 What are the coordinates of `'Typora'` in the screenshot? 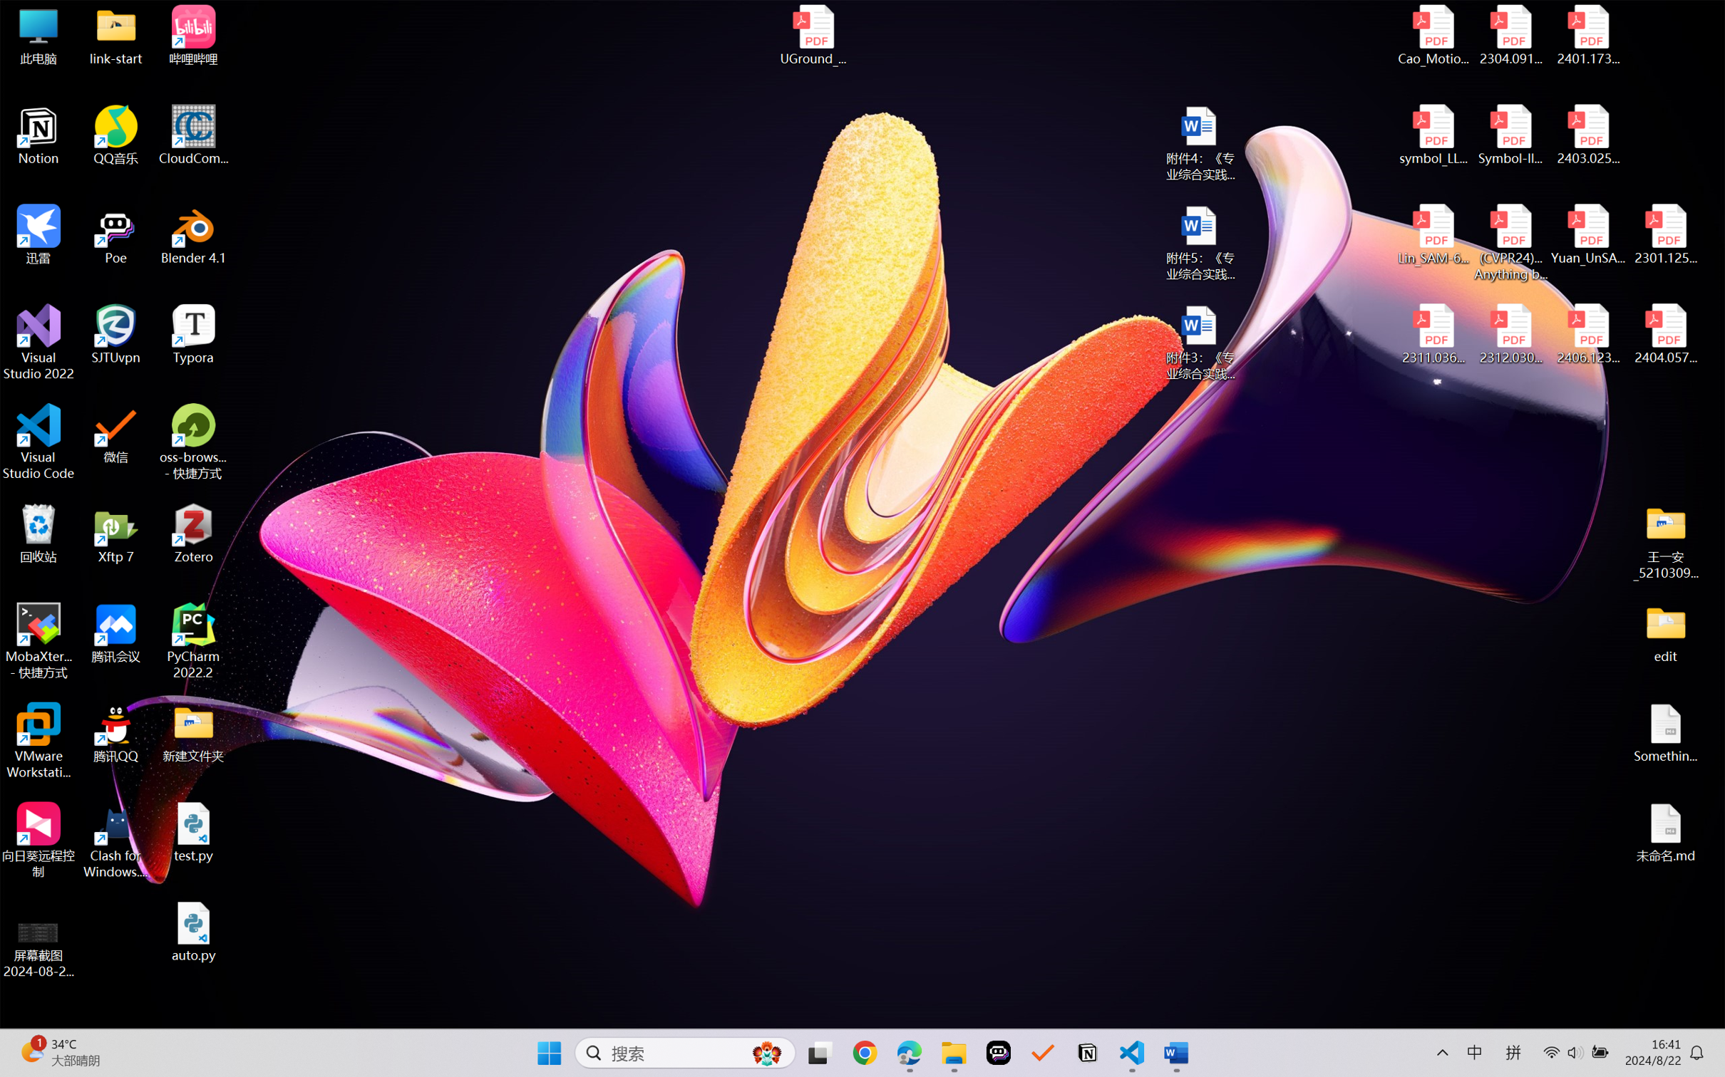 It's located at (193, 334).